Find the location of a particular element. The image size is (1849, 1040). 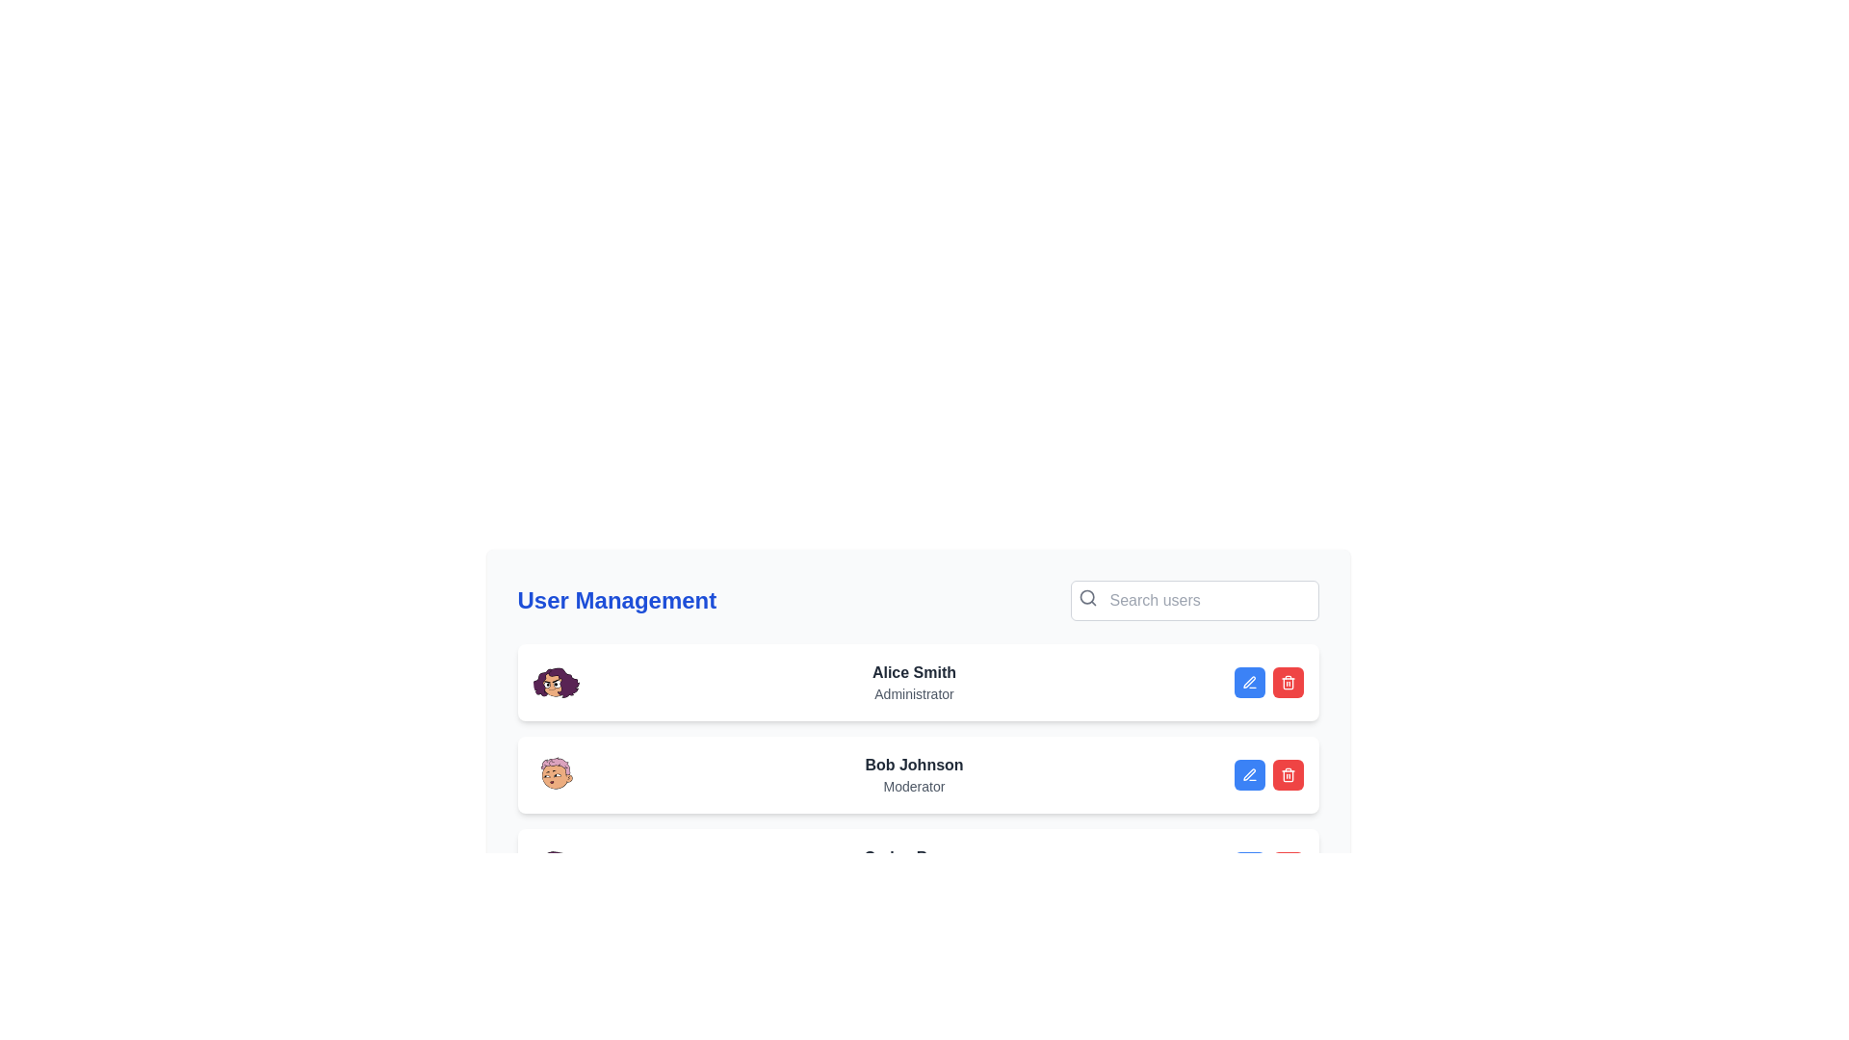

the small gray text label element that displays the word 'administrator', located directly below 'Alice Smith' in the User Management section is located at coordinates (913, 694).